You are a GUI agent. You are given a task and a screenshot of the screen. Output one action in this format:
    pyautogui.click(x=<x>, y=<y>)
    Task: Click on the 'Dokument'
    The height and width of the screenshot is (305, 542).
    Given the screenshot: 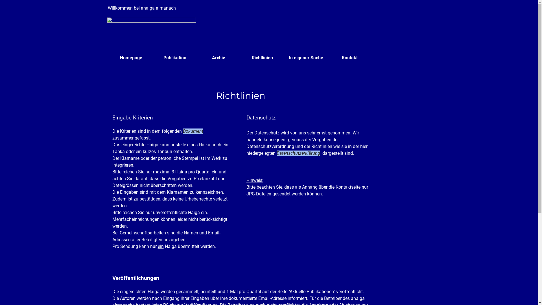 What is the action you would take?
    pyautogui.click(x=193, y=131)
    